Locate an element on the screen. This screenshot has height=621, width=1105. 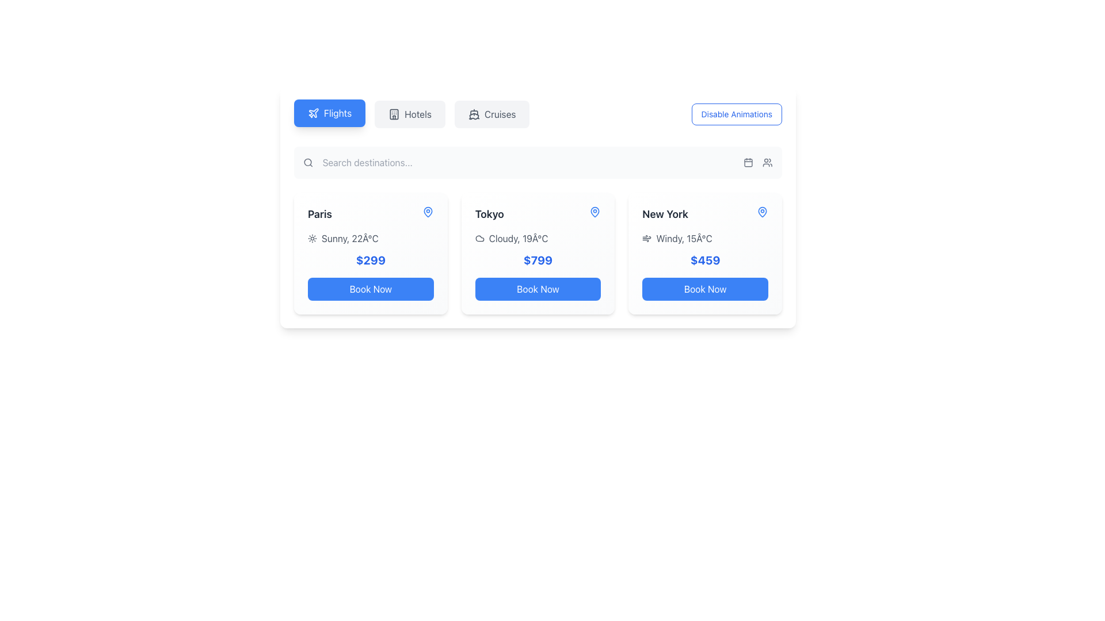
weather description and price details from the text display and icon located centrally within the 'New York' card, positioned below the heading and above the 'Book Now' button is located at coordinates (704, 250).